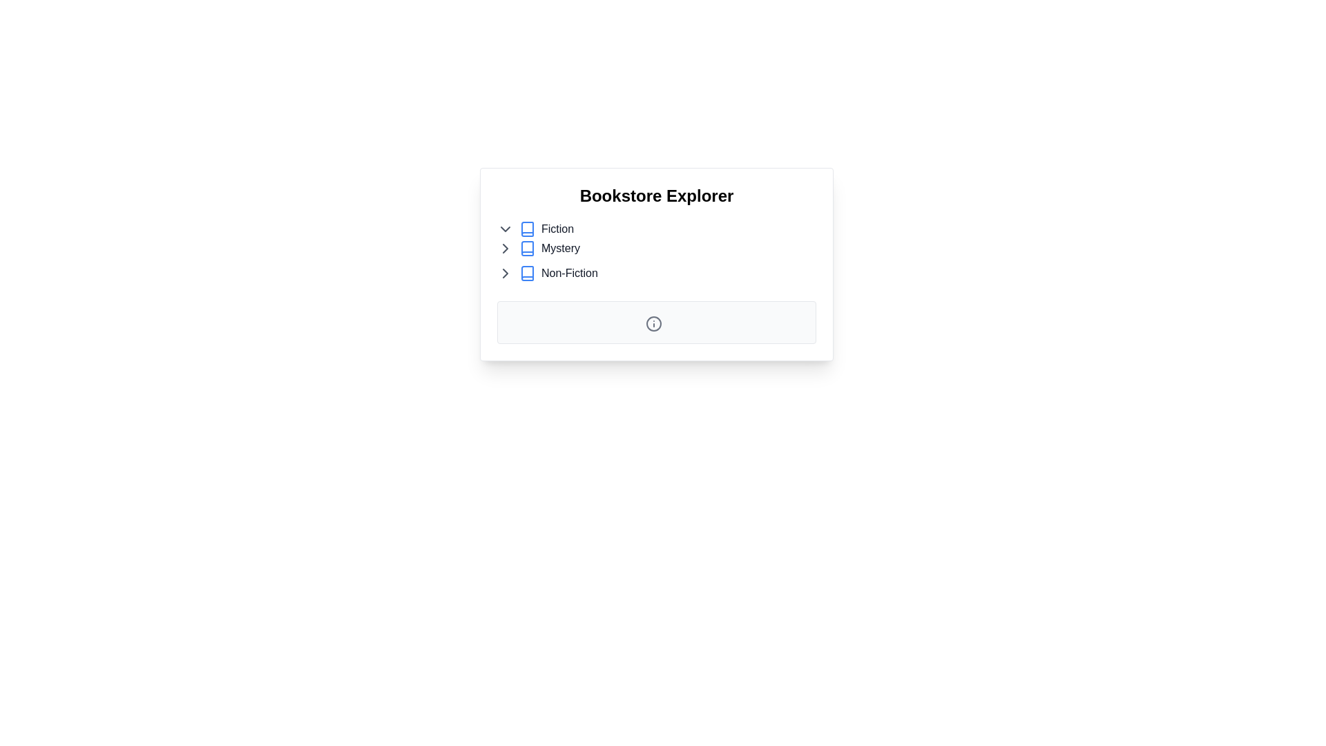 The height and width of the screenshot is (746, 1326). What do you see at coordinates (504, 247) in the screenshot?
I see `the right-pointing chevron icon near the text 'Mystery'` at bounding box center [504, 247].